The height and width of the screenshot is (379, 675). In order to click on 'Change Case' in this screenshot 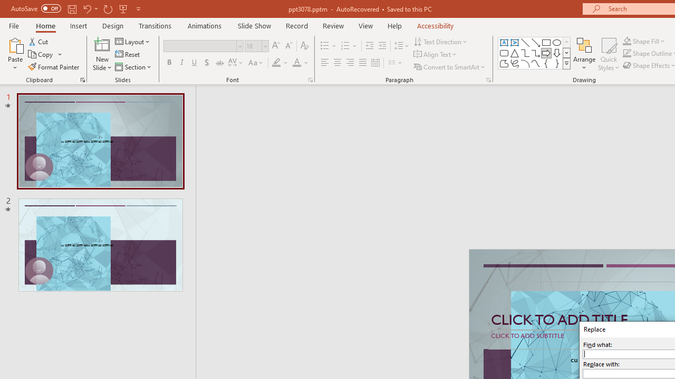, I will do `click(256, 63)`.